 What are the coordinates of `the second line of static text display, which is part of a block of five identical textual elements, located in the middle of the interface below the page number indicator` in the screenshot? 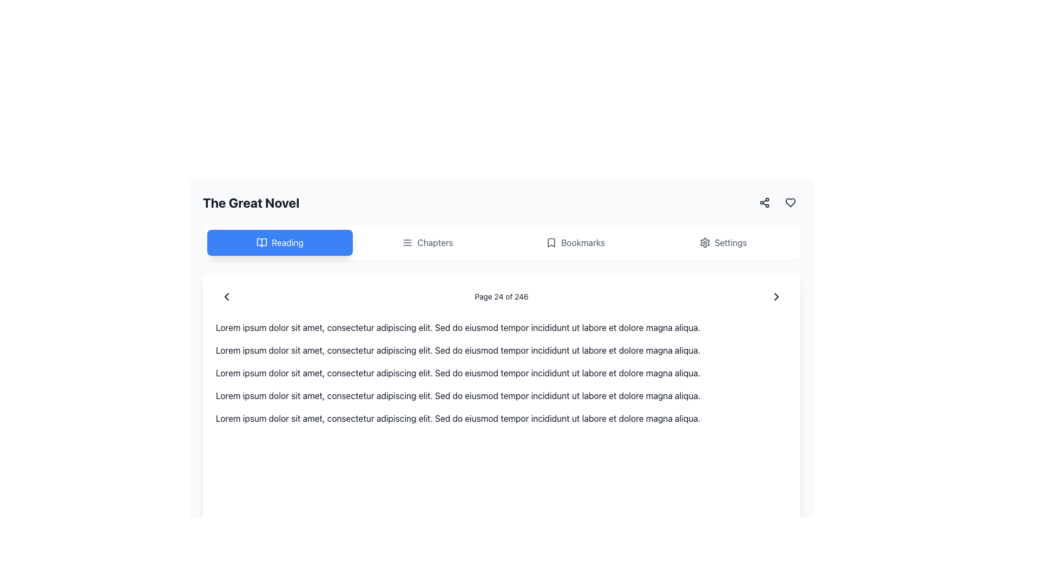 It's located at (501, 350).